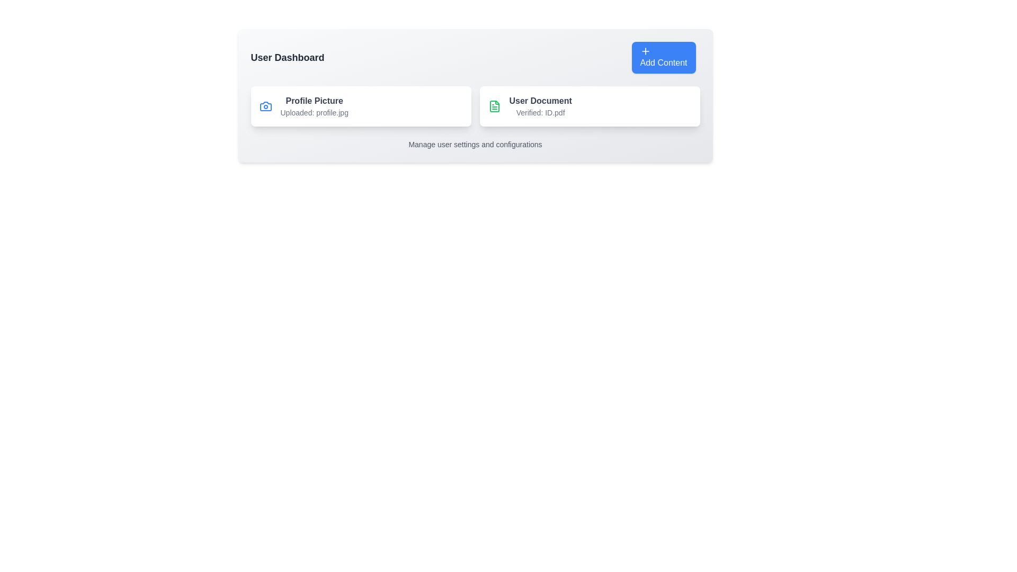 Image resolution: width=1017 pixels, height=572 pixels. I want to click on the 'Add Content' SVG Icon located centrally within the 'Add Content' button in the top right corner of the interface, so click(645, 51).